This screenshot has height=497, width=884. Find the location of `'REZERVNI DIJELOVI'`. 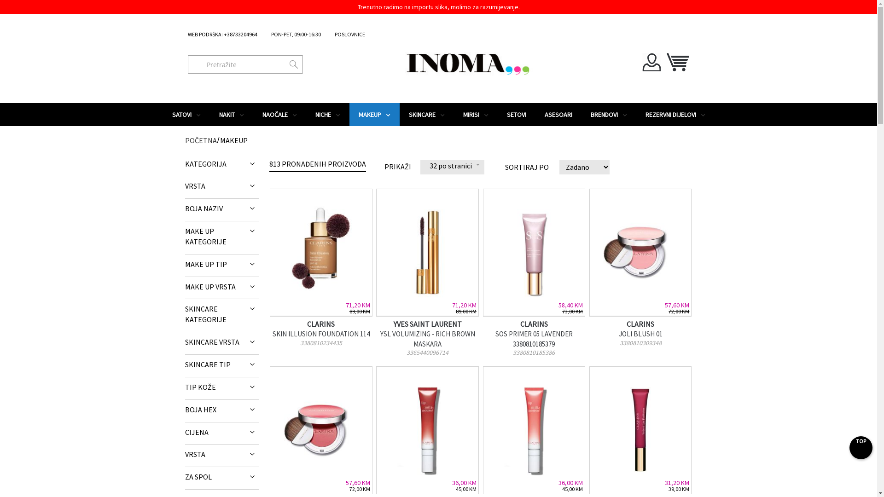

'REZERVNI DIJELOVI' is located at coordinates (675, 114).